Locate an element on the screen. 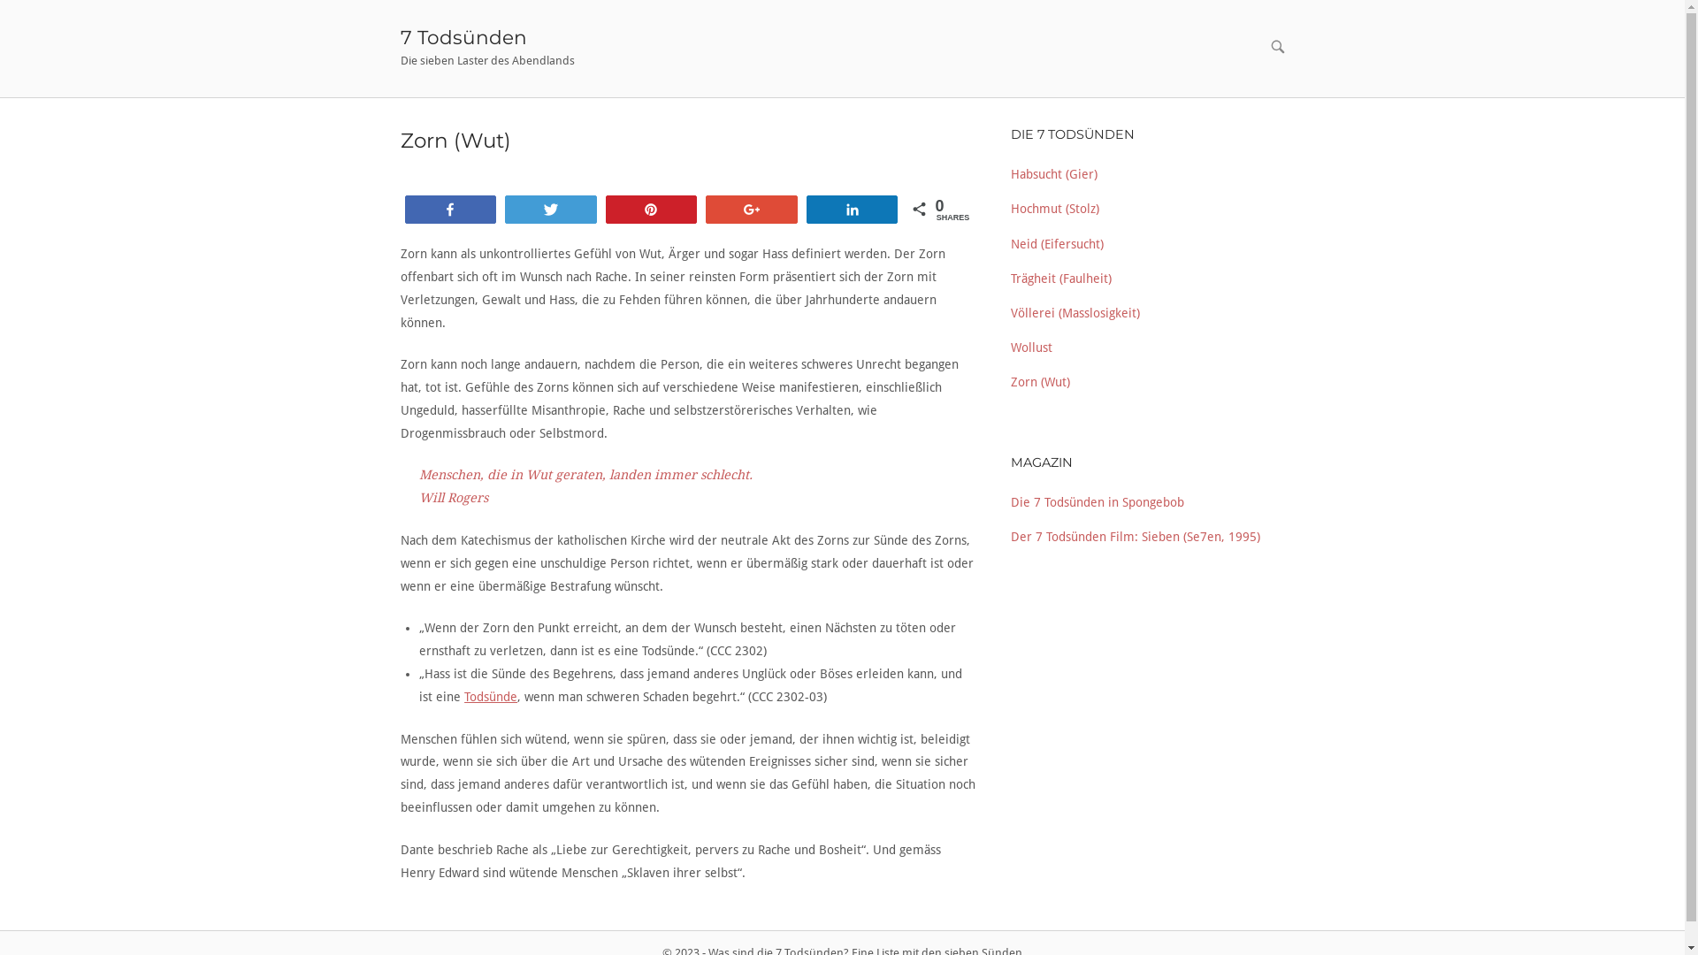 The width and height of the screenshot is (1698, 955). 'Hochmut (Stolz)' is located at coordinates (1010, 207).